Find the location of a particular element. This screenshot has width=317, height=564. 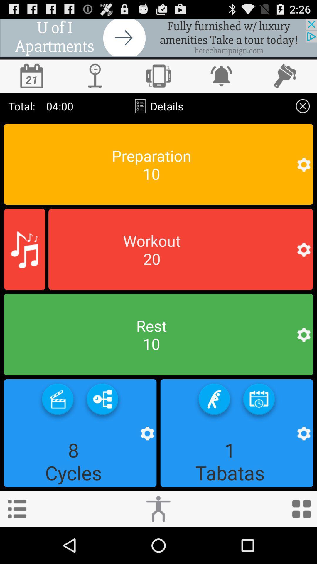

screen rotate is located at coordinates (158, 75).